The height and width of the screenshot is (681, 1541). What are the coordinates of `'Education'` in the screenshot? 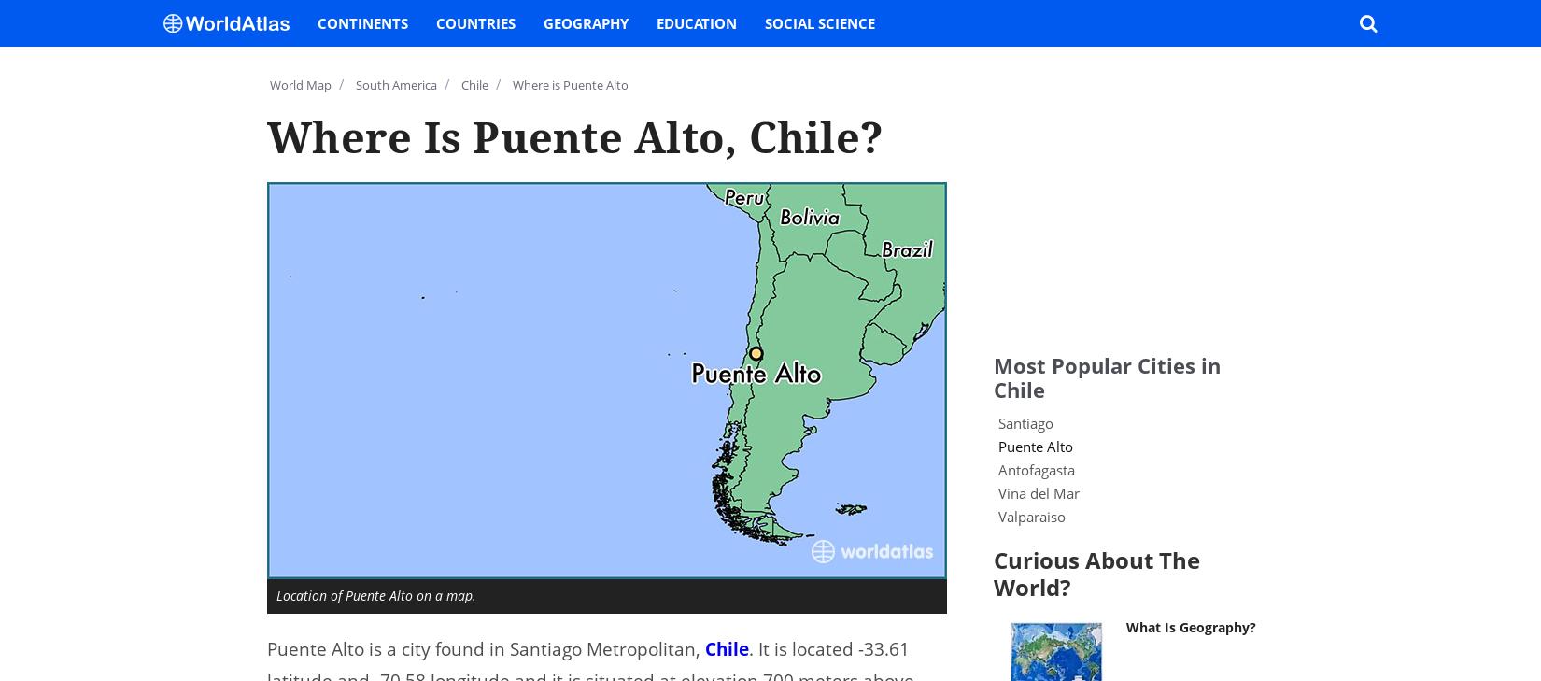 It's located at (656, 21).